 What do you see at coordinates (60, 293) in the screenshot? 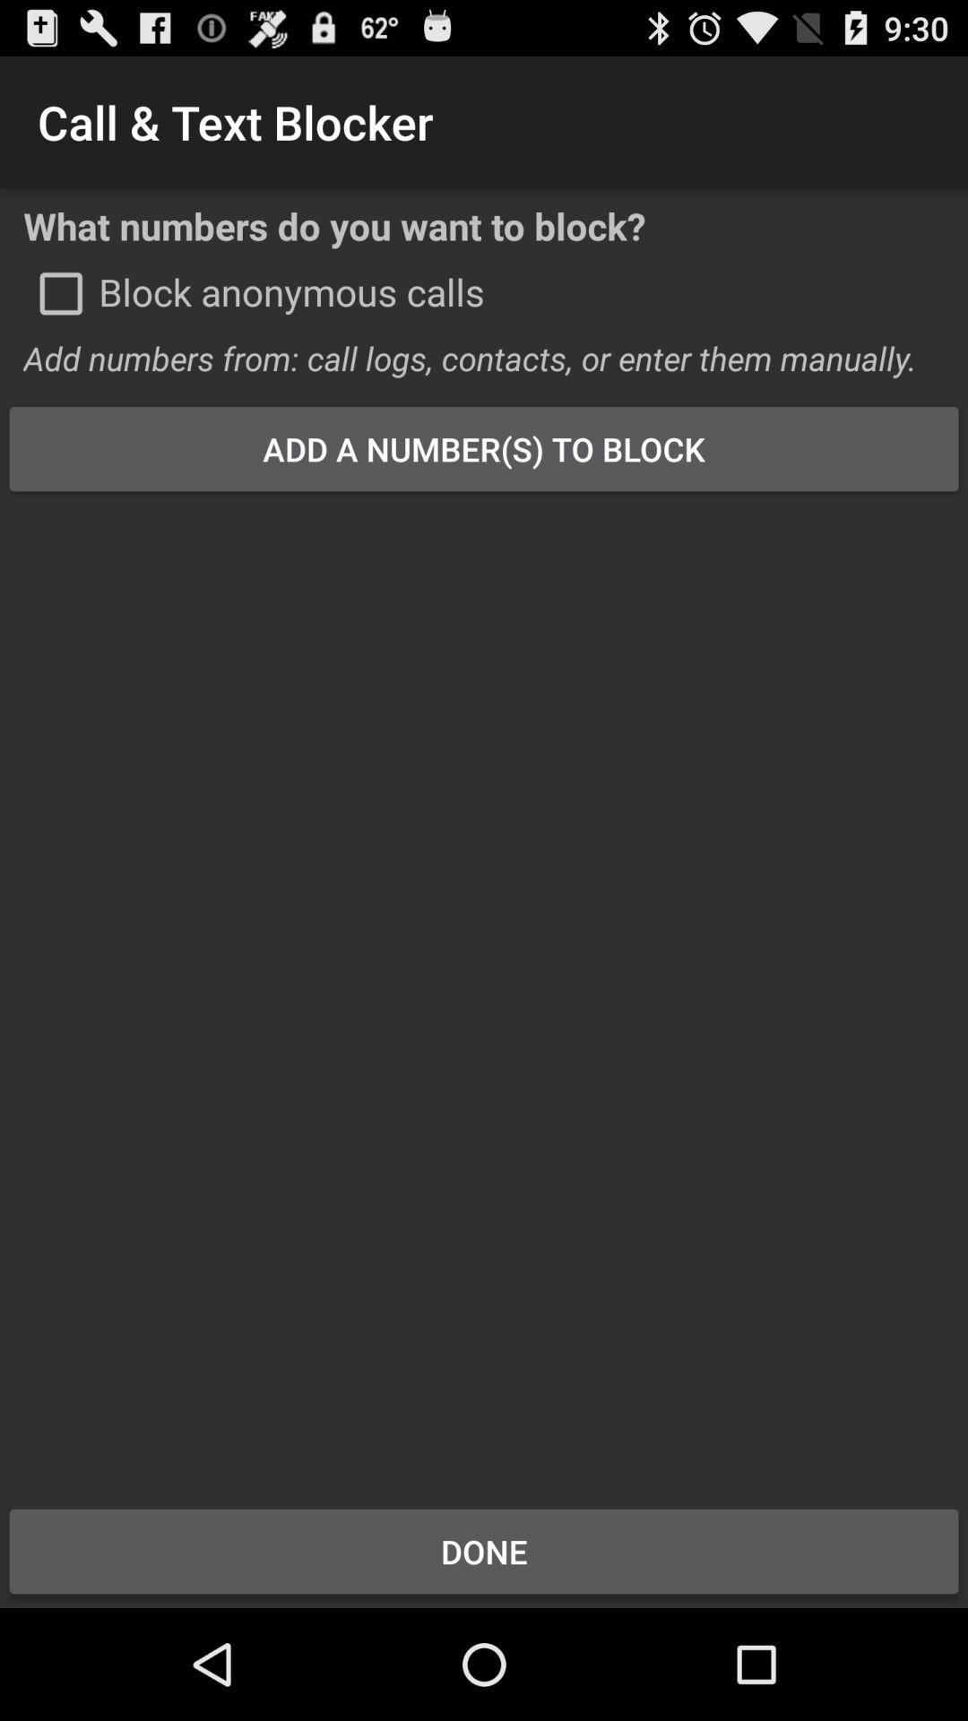
I see `anonymous calls` at bounding box center [60, 293].